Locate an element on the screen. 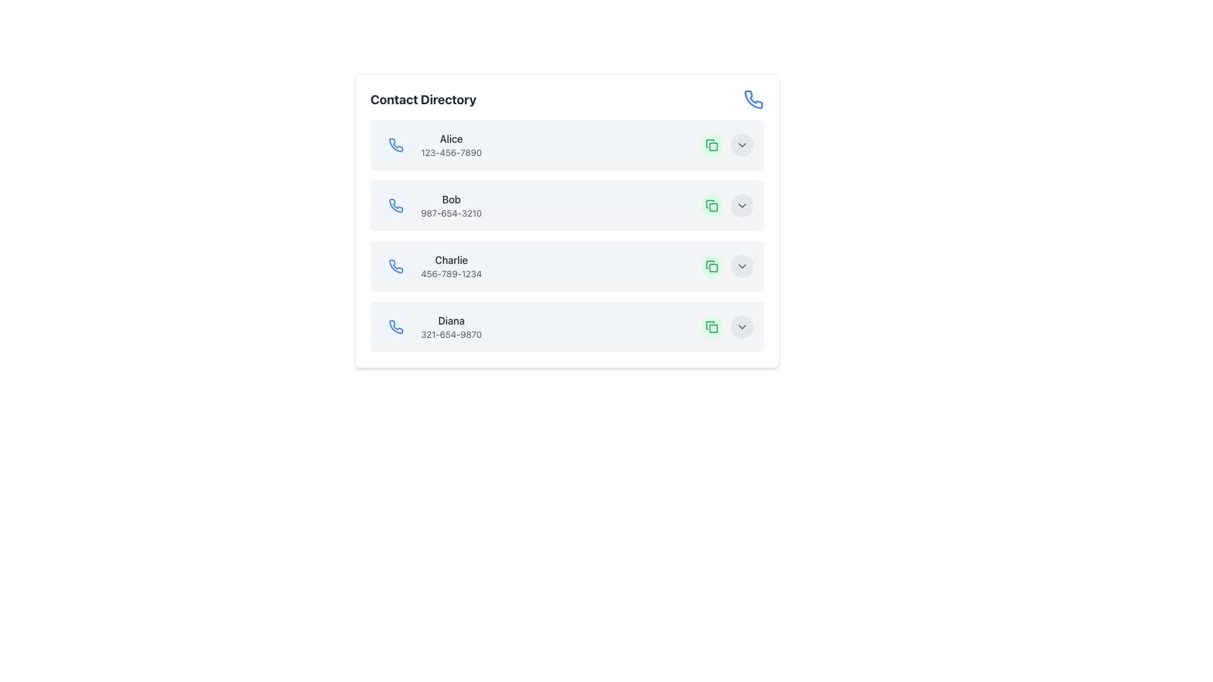 This screenshot has width=1213, height=682. the text display element that shows a contact's name and phone number, located in the middle-right area of the interface, specifically in the third row of the 'Contact Directory' section, below 'Bob' and above 'Diana' is located at coordinates (451, 265).